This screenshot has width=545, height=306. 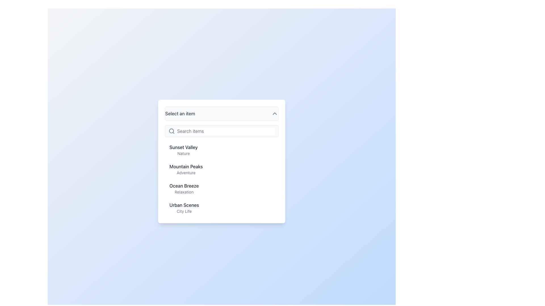 What do you see at coordinates (183, 147) in the screenshot?
I see `the dropdown entry label that identifies a particular destination or category in the dropdown list under 'Select an item'` at bounding box center [183, 147].